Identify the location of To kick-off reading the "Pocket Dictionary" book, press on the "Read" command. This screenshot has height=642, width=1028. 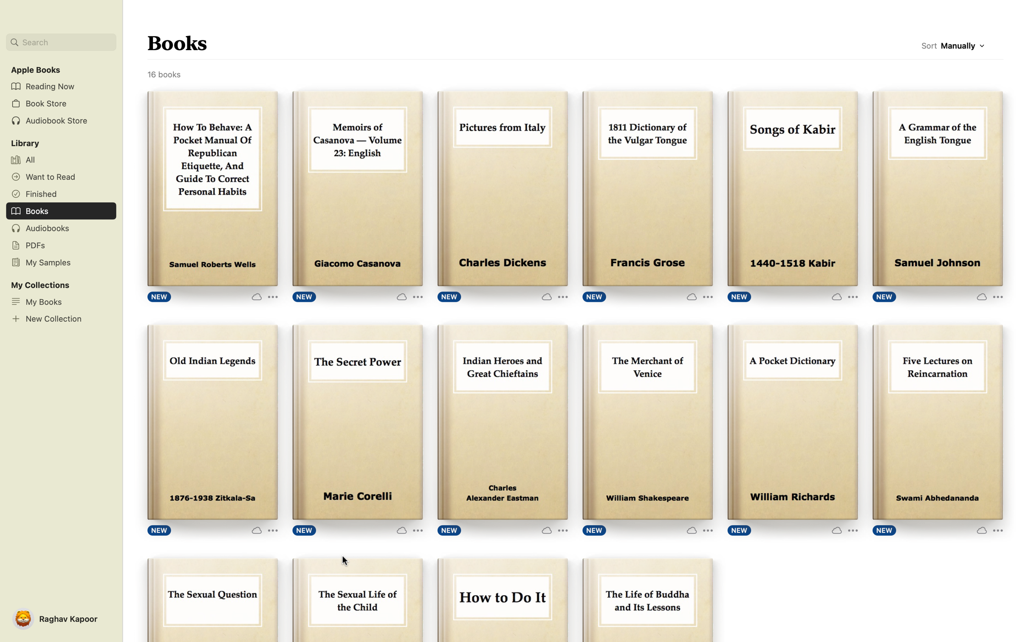
(792, 421).